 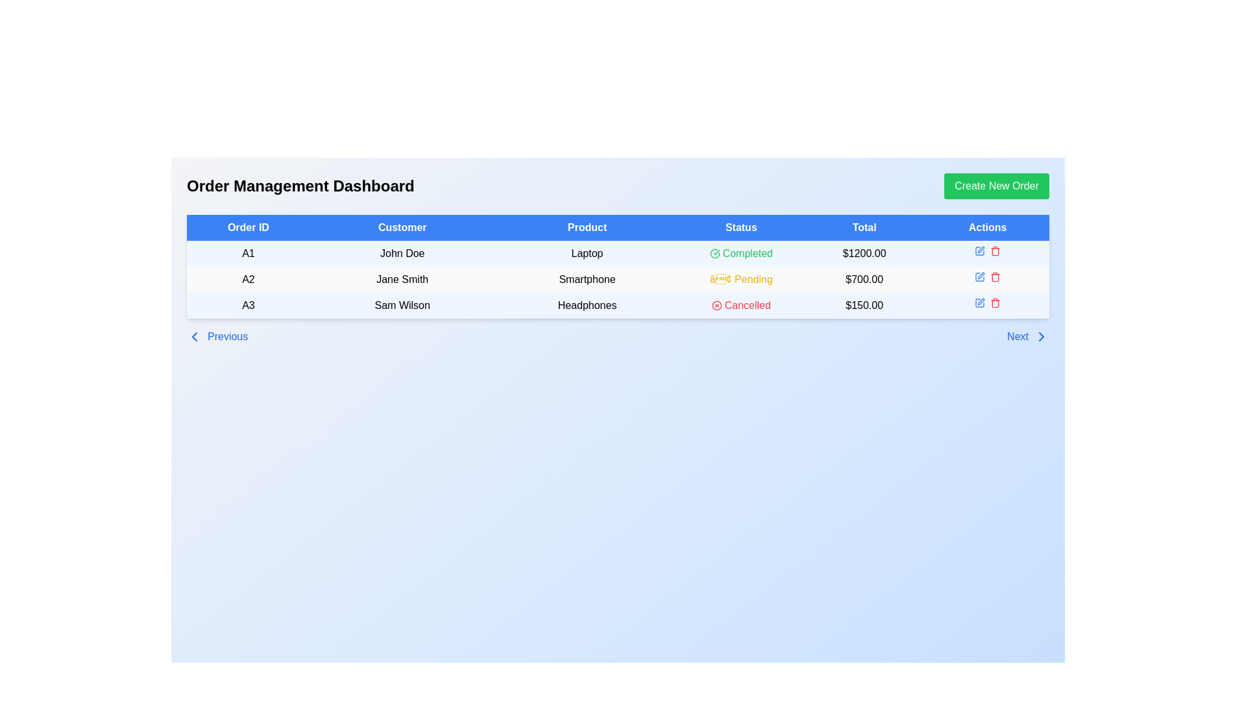 I want to click on the Text Display that shows the product name for the customer 'John Doe' in the 'Product' column, so click(x=587, y=253).